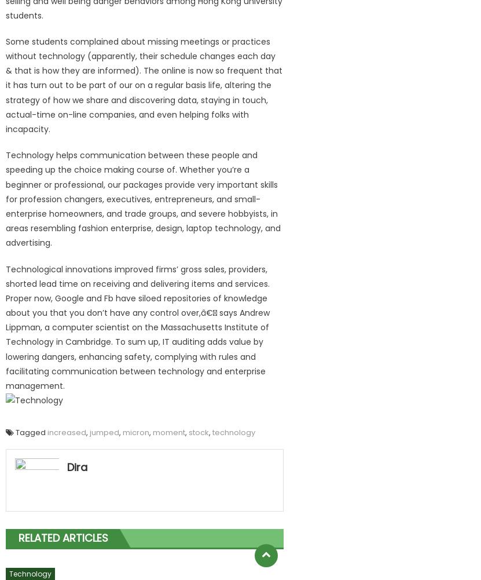 The height and width of the screenshot is (580, 481). I want to click on 'Technology', so click(30, 573).